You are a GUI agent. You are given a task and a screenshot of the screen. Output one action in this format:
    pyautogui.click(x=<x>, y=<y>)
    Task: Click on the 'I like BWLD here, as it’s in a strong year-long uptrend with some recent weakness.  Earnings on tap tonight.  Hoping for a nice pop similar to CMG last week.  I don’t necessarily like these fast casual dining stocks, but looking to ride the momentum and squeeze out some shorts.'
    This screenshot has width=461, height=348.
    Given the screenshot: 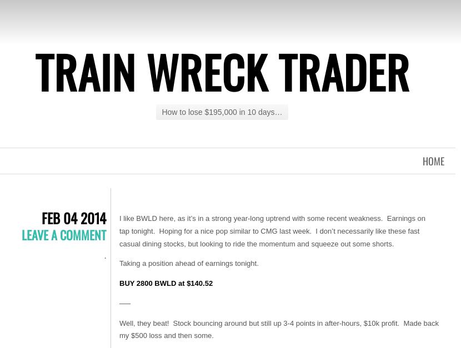 What is the action you would take?
    pyautogui.click(x=118, y=230)
    